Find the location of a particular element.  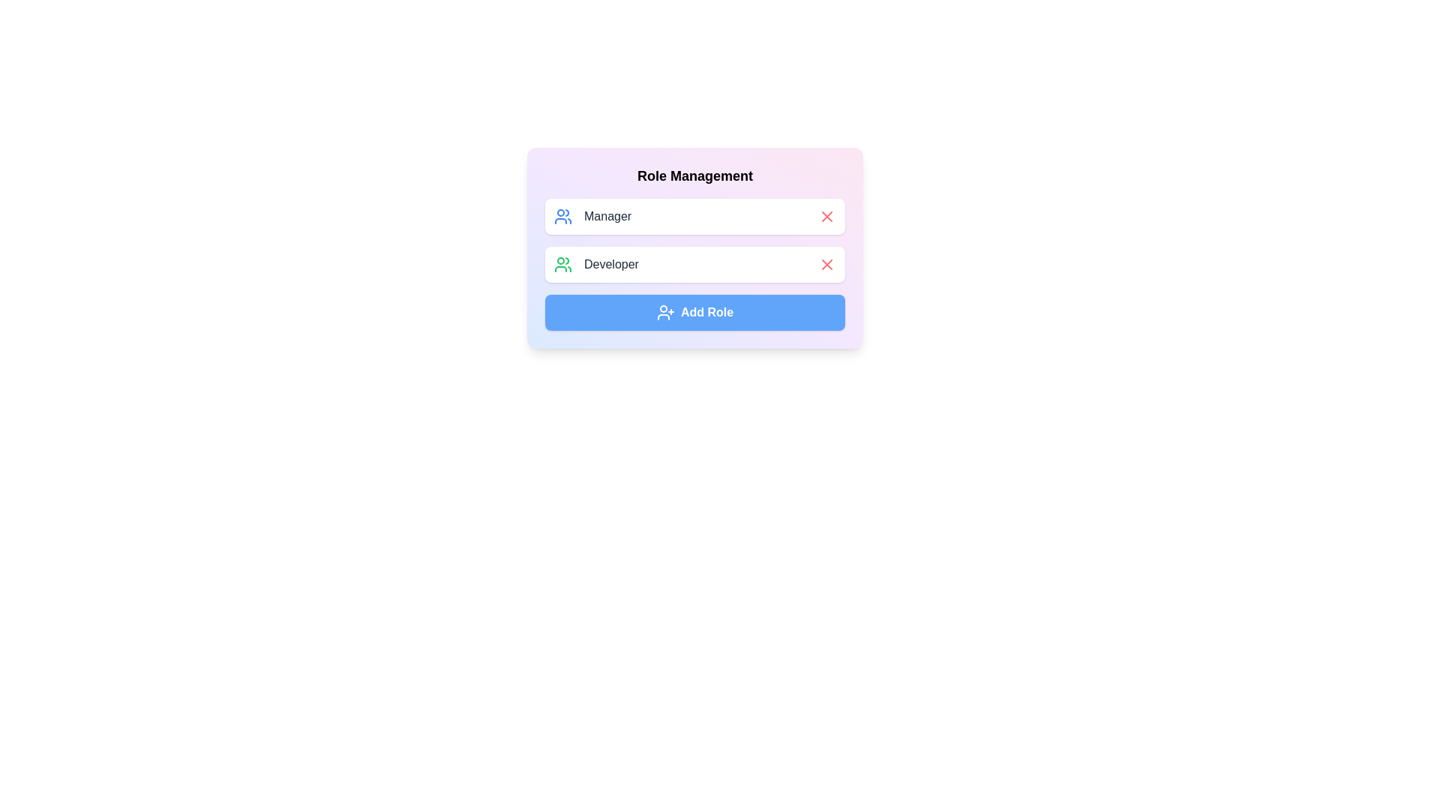

the 'Add Role' button to add a new role is located at coordinates (694, 311).